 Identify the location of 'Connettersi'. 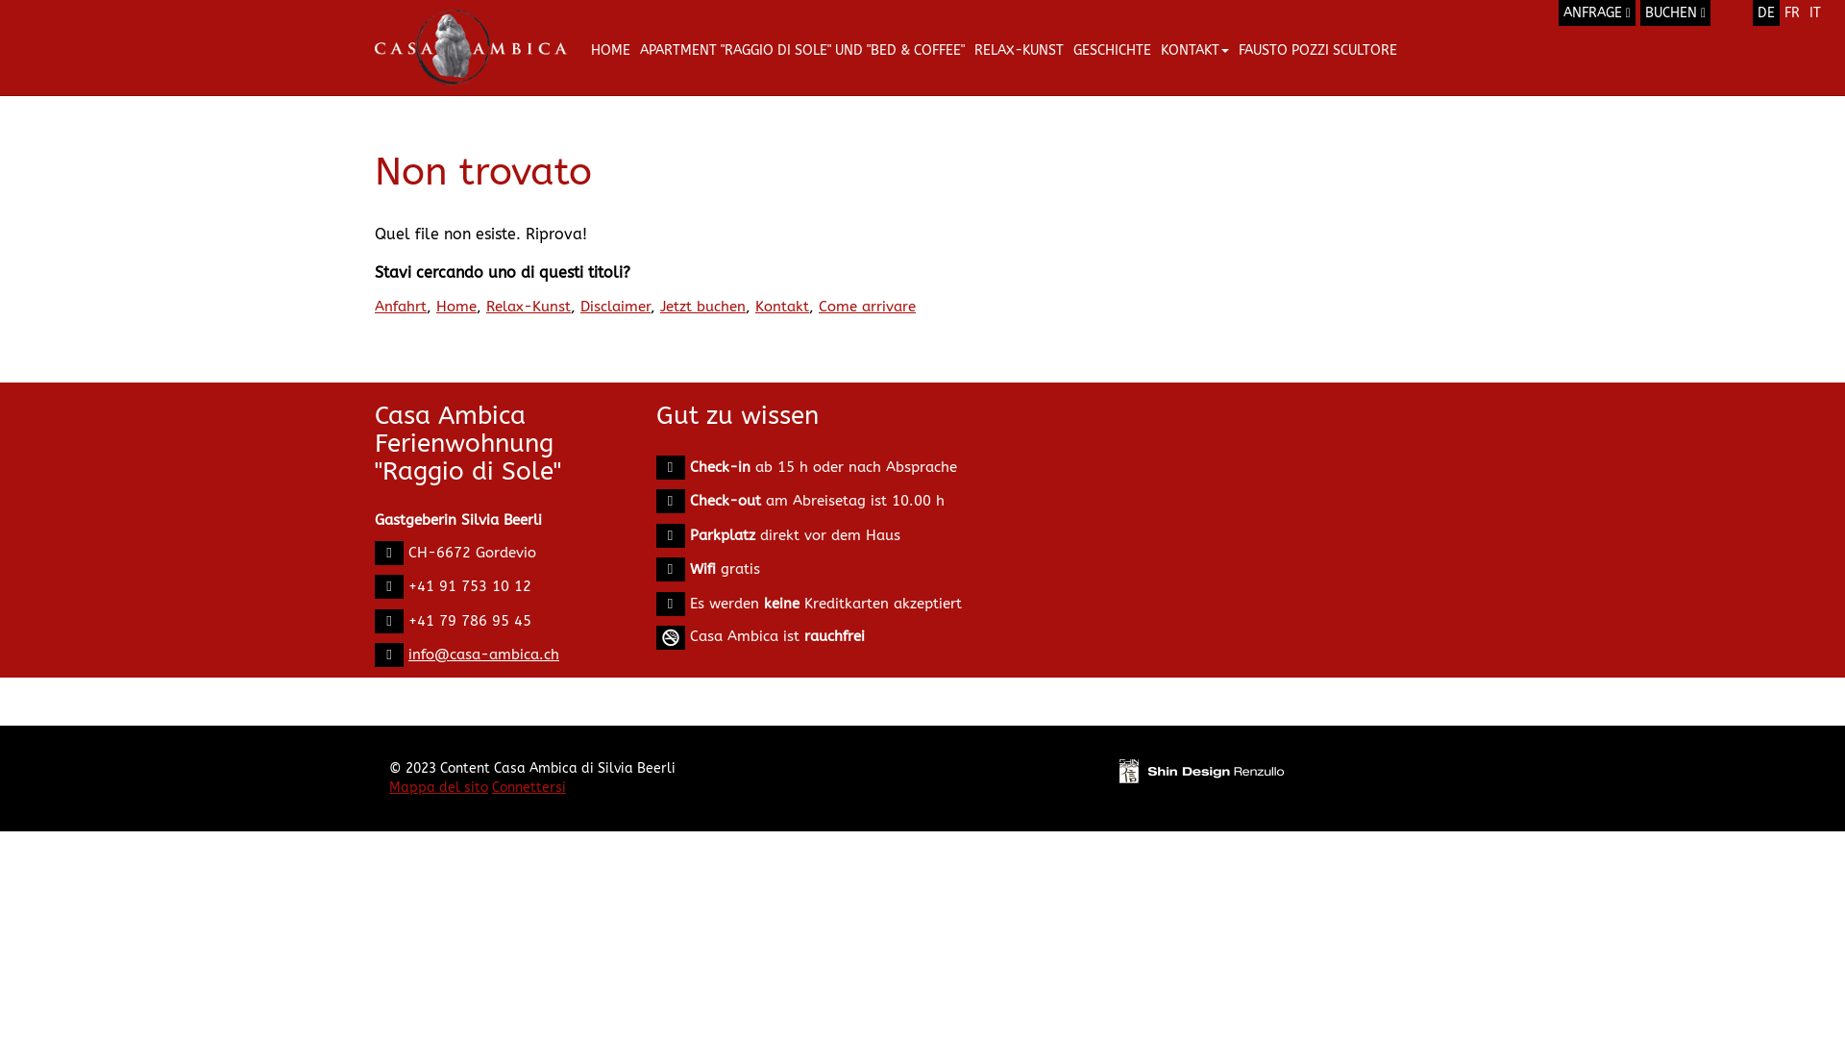
(529, 787).